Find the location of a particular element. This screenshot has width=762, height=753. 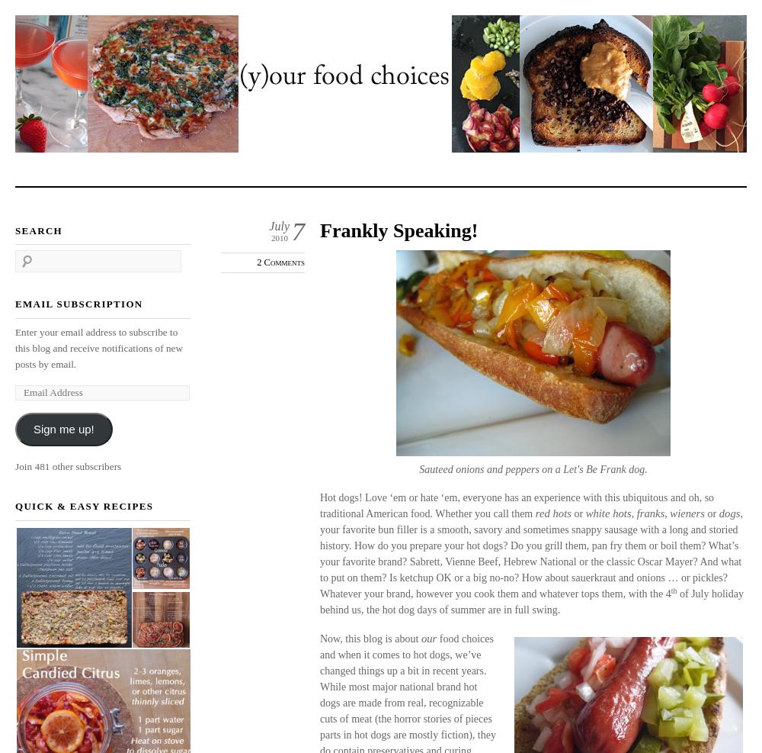

'Frankly Speaking!' is located at coordinates (399, 230).